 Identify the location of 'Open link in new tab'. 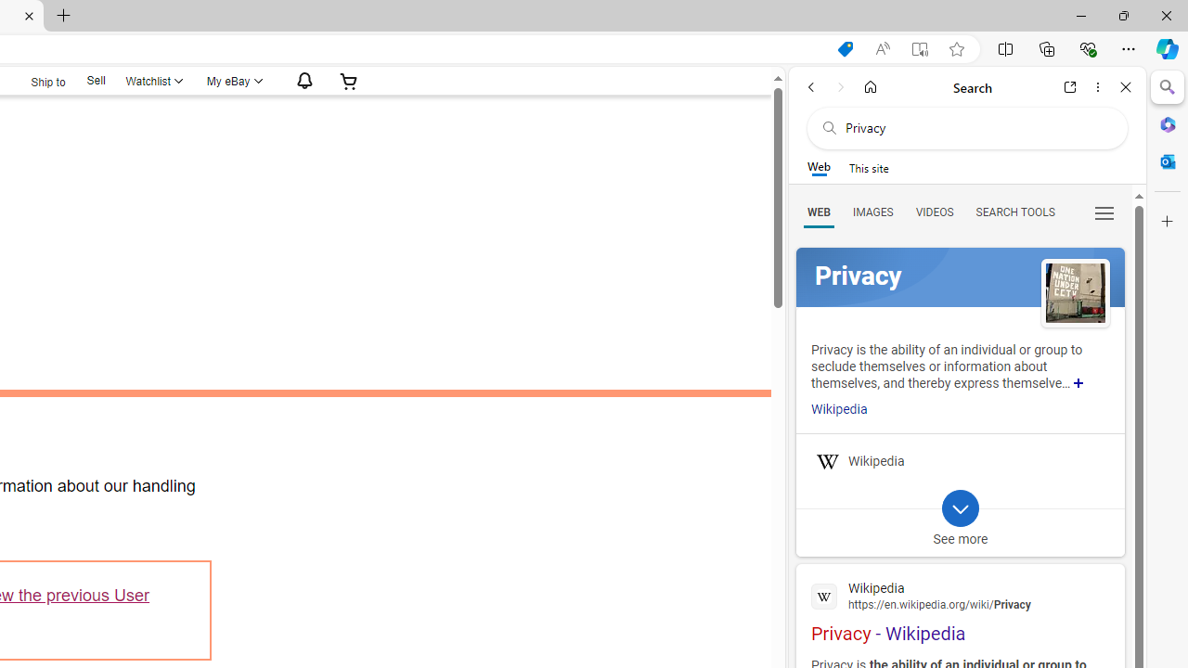
(1070, 86).